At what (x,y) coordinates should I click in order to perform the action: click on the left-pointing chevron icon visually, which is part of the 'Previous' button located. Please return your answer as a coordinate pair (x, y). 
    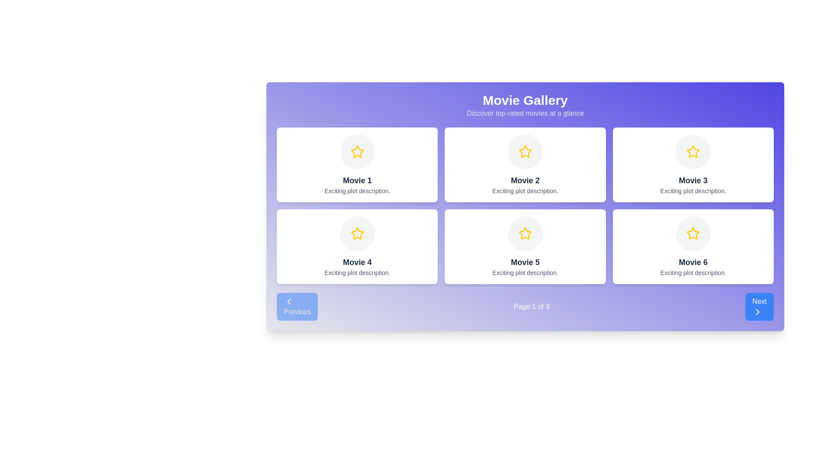
    Looking at the image, I should click on (289, 301).